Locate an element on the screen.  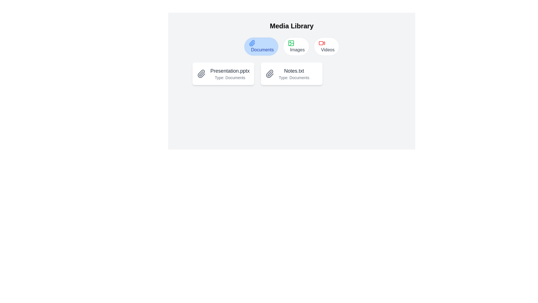
the attachment icon located on the left side of the second rectangular card in a horizontal row, which signifies that a file can be attached or is of a document type is located at coordinates (270, 73).